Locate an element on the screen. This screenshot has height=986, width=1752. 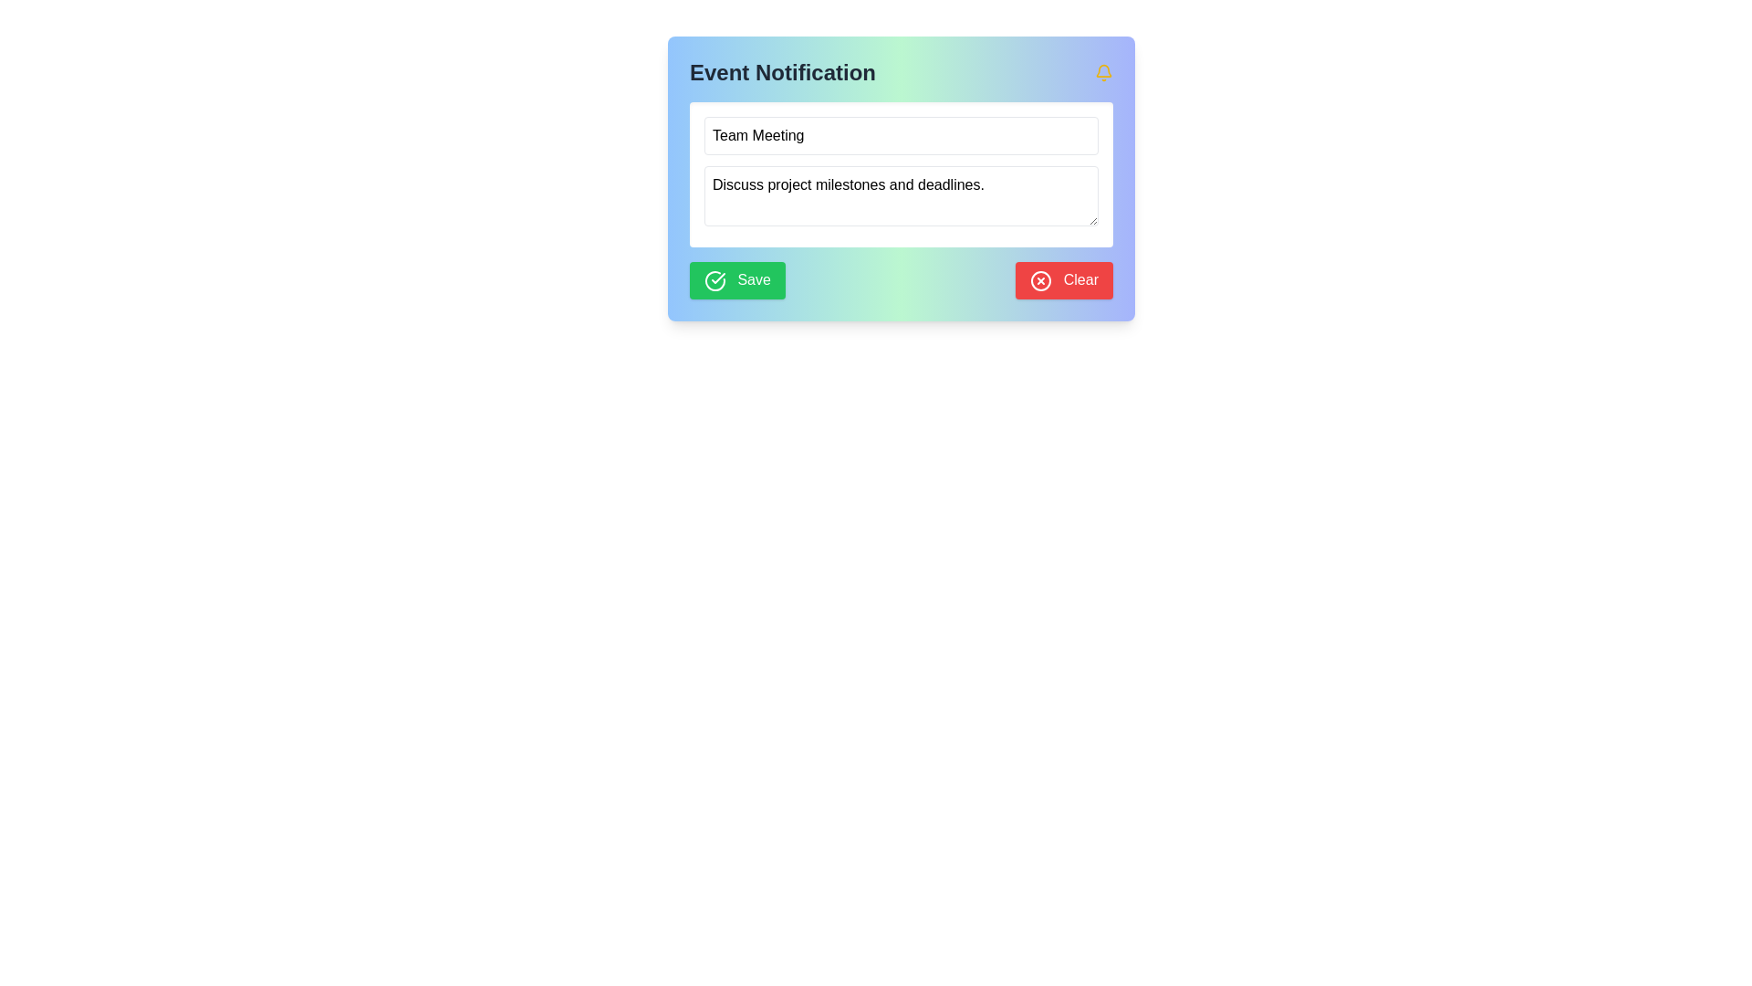
the multiline text input field with the placeholder 'Discuss project milestones and deadlines' located below the 'Team Meeting' label is located at coordinates (902, 174).